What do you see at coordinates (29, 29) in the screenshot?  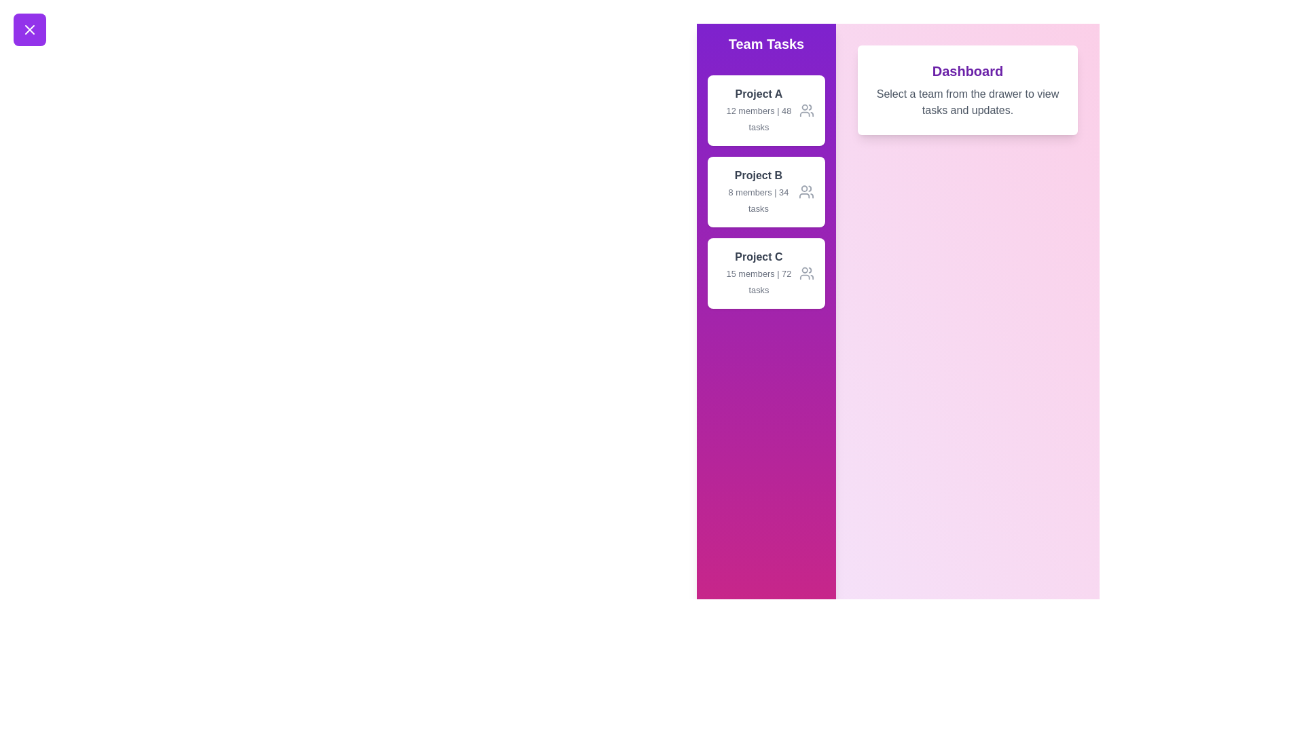 I see `button with the X icon to toggle the drawer visibility` at bounding box center [29, 29].